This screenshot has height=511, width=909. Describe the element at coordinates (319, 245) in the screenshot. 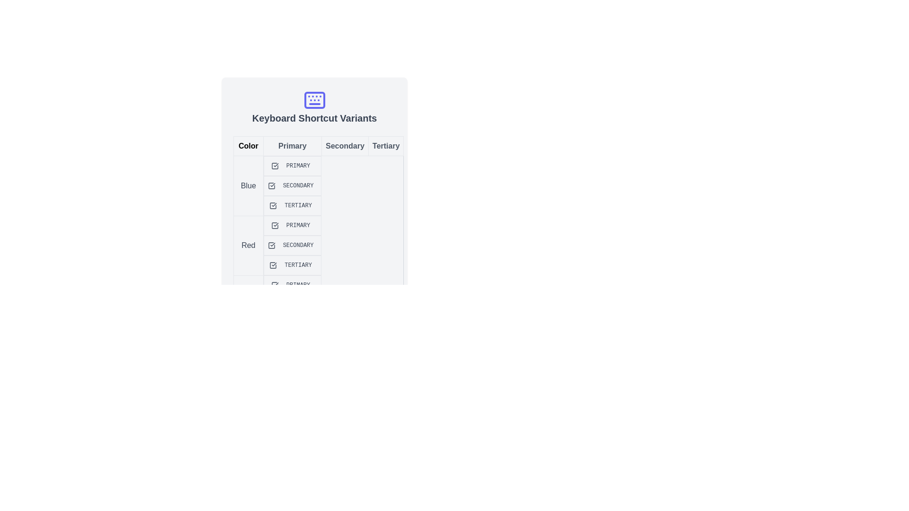

I see `the 'Secondary' text label in the 'Red' row of the 'Keyboard Shortcut Variants' table` at that location.